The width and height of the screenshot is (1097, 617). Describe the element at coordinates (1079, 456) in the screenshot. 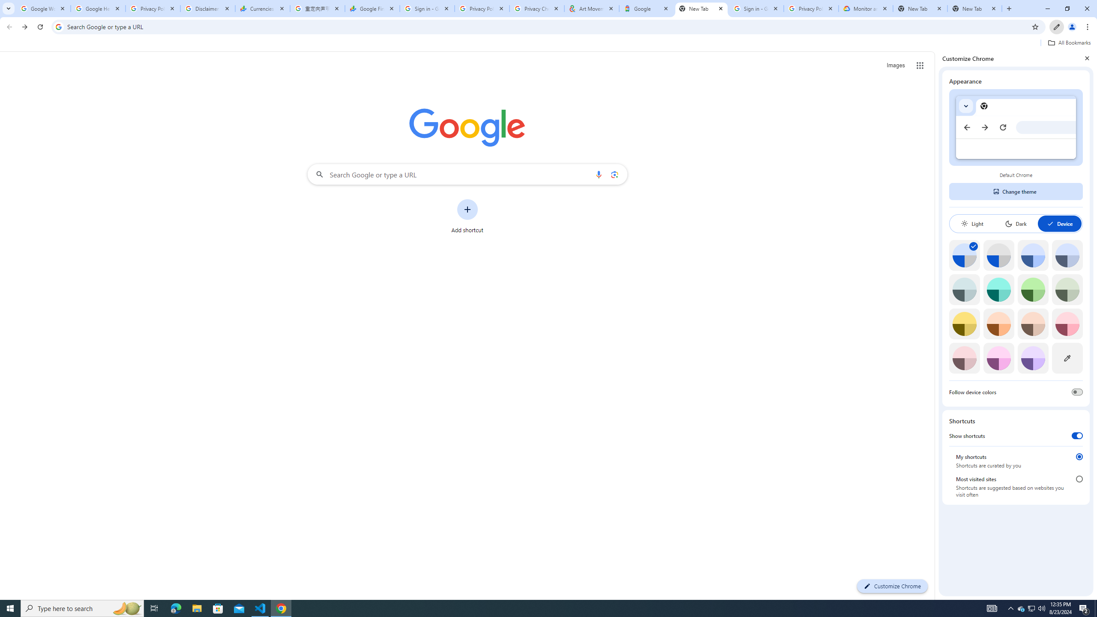

I see `'My shortcuts'` at that location.